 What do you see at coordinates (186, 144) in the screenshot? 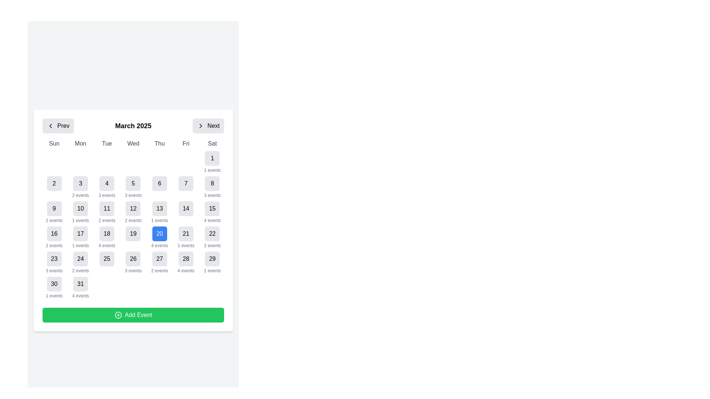
I see `the text label displaying 'Fri', which is part of a row of day labels and positioned between 'Thu' and 'Sat'` at bounding box center [186, 144].